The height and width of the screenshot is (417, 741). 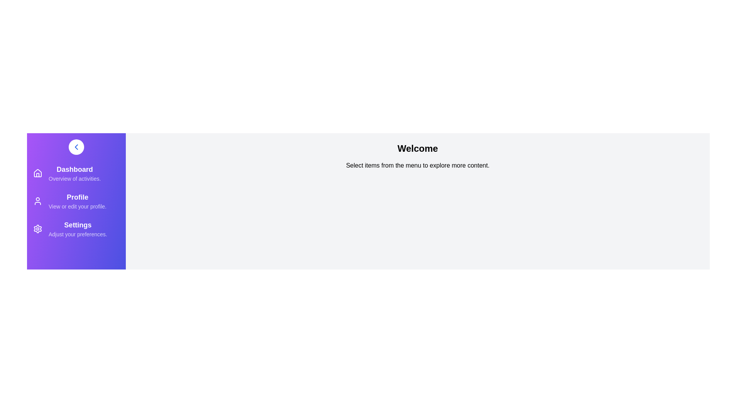 What do you see at coordinates (37, 229) in the screenshot?
I see `the menu item Settings to view its hover effects` at bounding box center [37, 229].